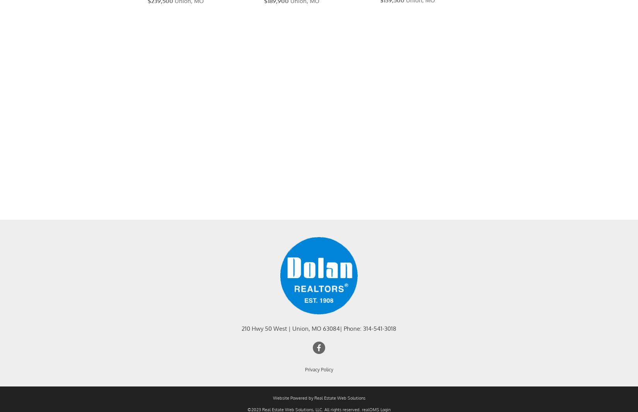  What do you see at coordinates (392, 9) in the screenshot?
I see `'$139,500'` at bounding box center [392, 9].